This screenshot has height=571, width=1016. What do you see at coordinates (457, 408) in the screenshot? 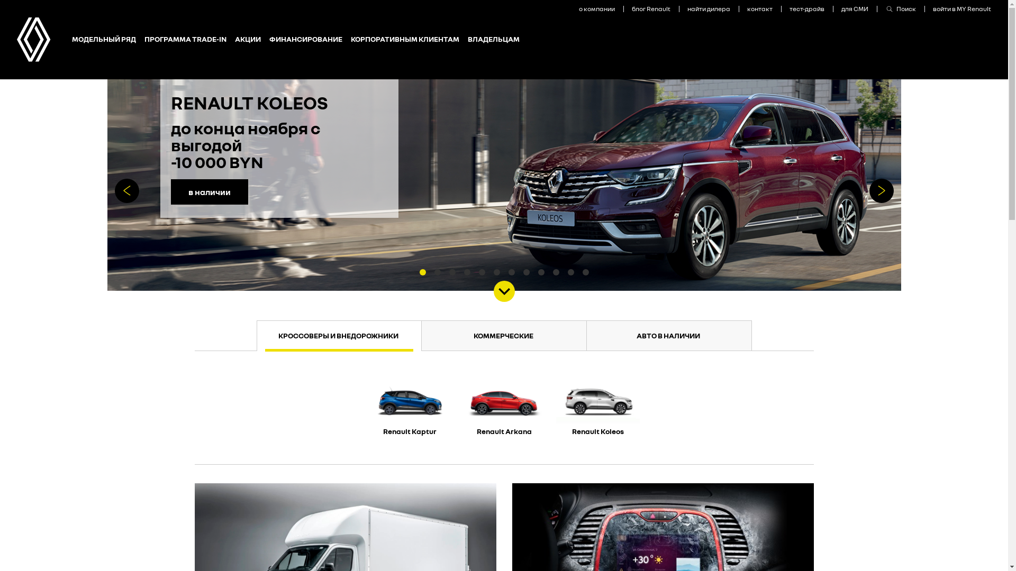
I see `'Renault Arkana'` at bounding box center [457, 408].